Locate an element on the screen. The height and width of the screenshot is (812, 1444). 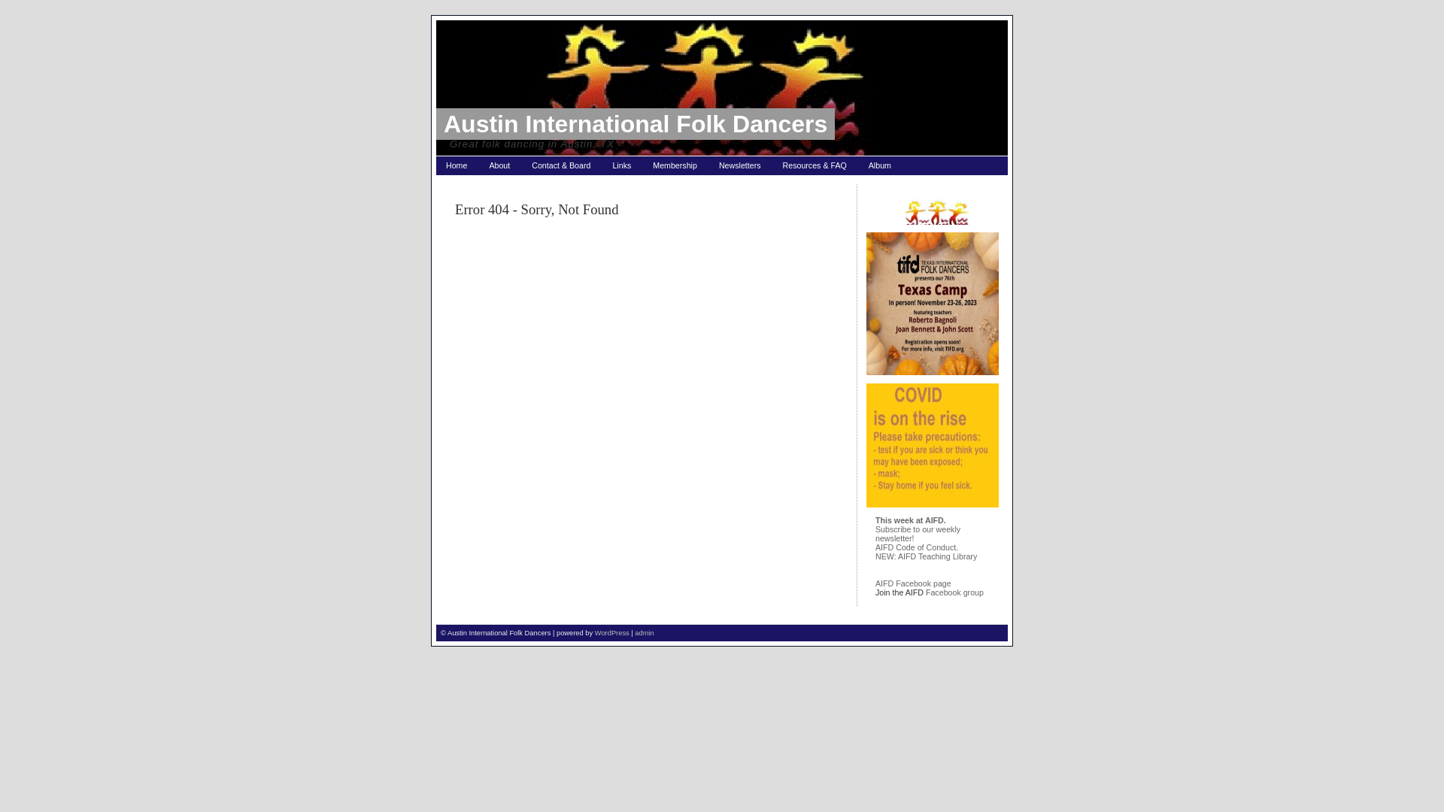
'About' is located at coordinates (499, 165).